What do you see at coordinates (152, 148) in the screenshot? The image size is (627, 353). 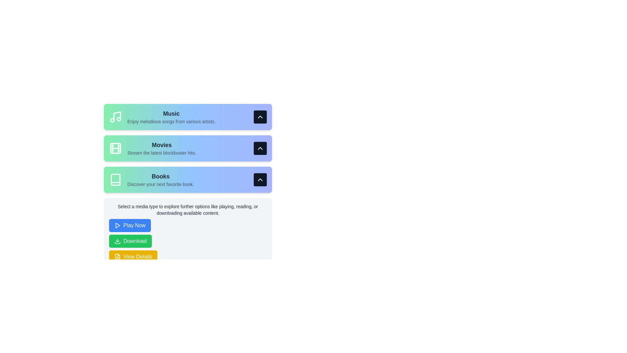 I see `the Information card titled 'Movies' with a film reel icon, located in the second position of the vertically stacked list of cards` at bounding box center [152, 148].